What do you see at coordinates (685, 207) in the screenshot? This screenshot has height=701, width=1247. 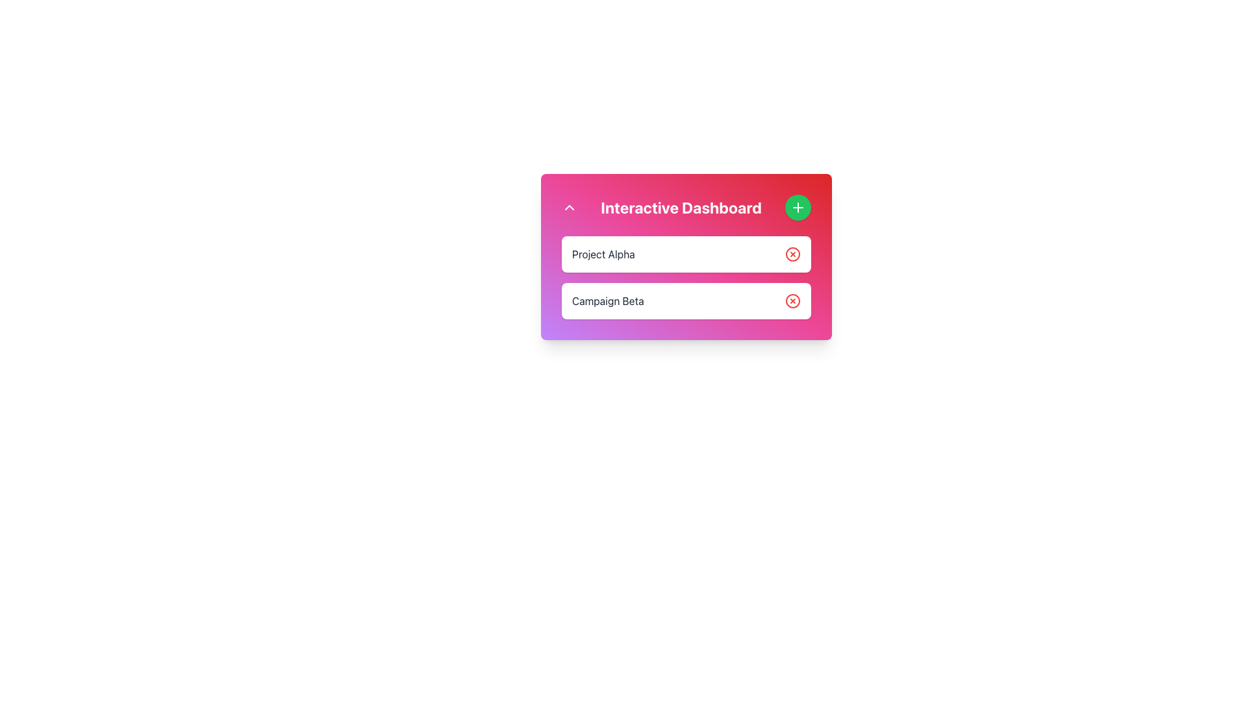 I see `the header text 'Interactive Dashboard'` at bounding box center [685, 207].